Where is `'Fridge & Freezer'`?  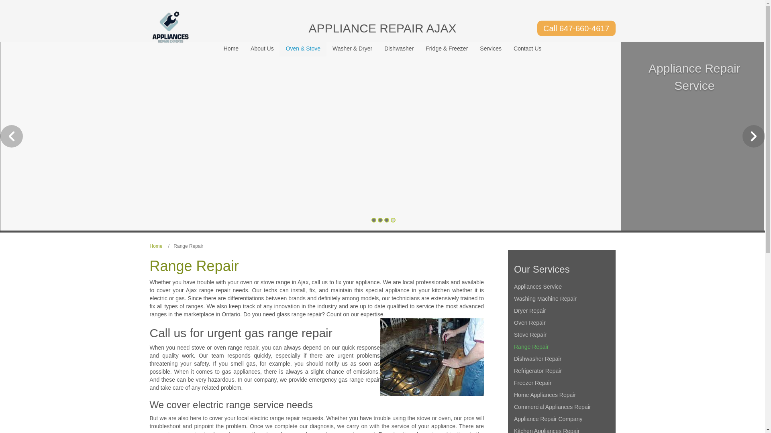
'Fridge & Freezer' is located at coordinates (446, 48).